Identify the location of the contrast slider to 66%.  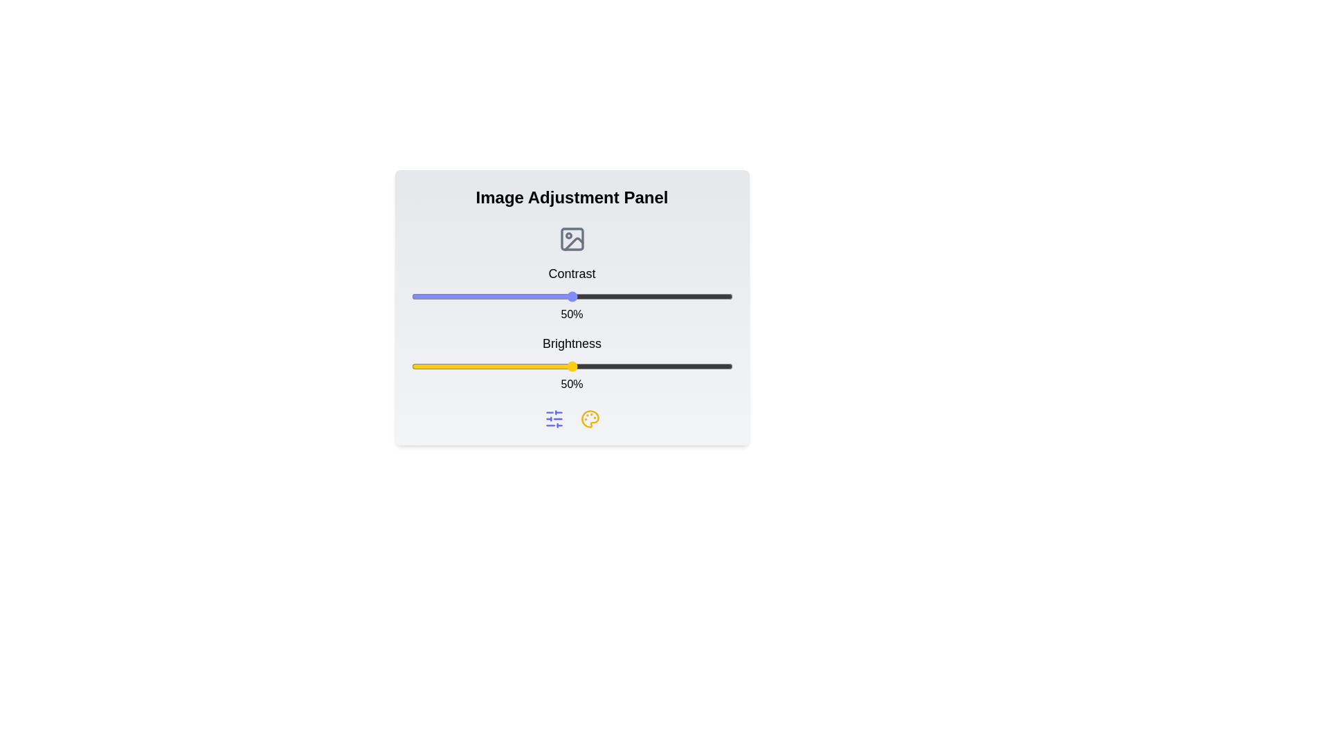
(622, 295).